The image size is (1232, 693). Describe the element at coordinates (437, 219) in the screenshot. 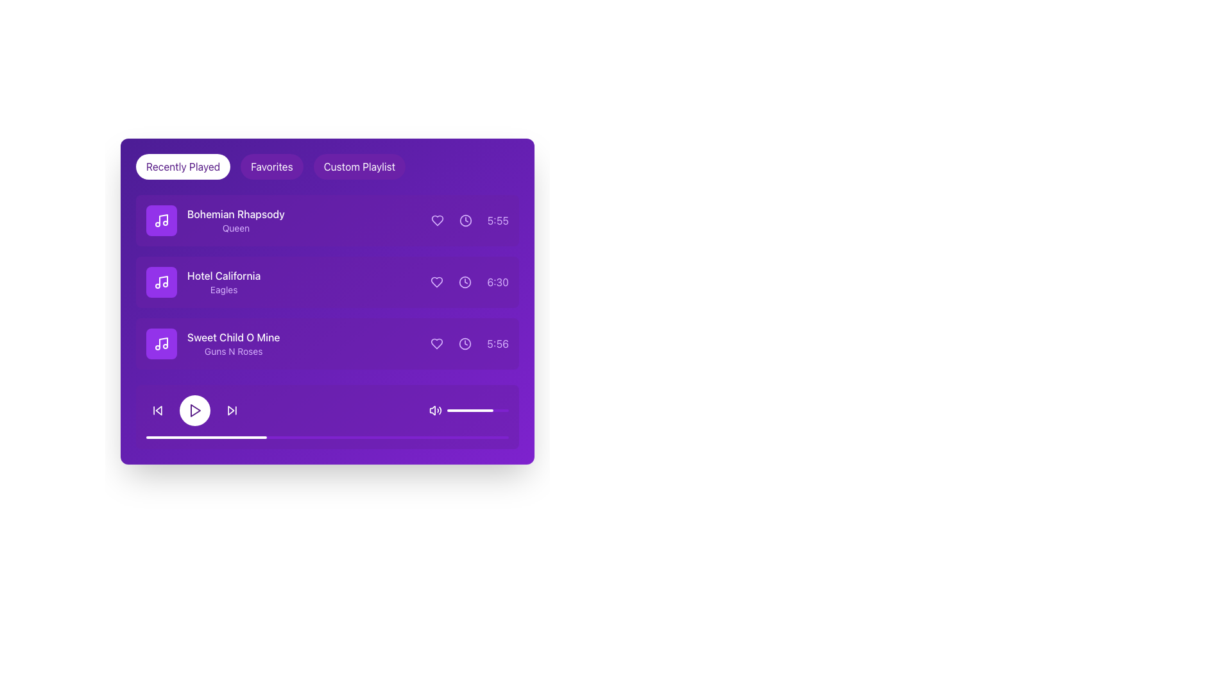

I see `the heart icon representing the favorite action for the song 'Bohemian Rhapsody' to change its color from purple to pink` at that location.